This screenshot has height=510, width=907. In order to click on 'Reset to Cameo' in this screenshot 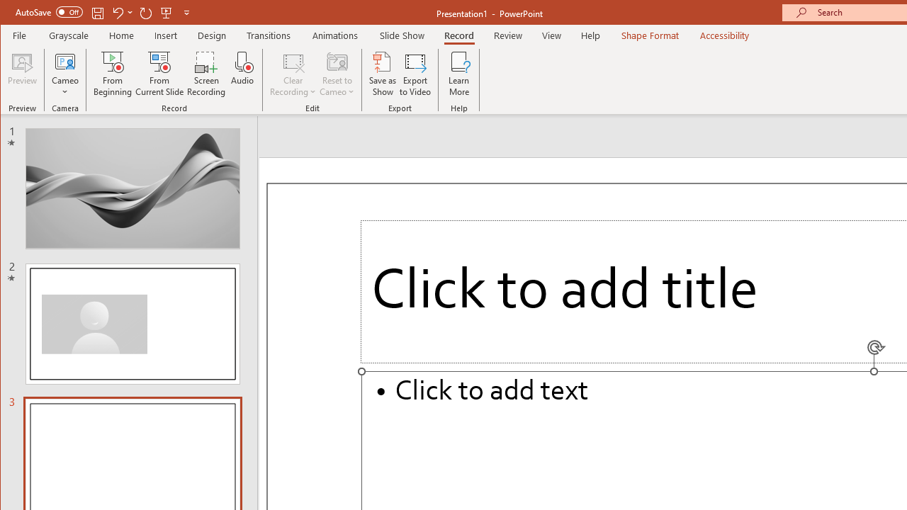, I will do `click(337, 74)`.